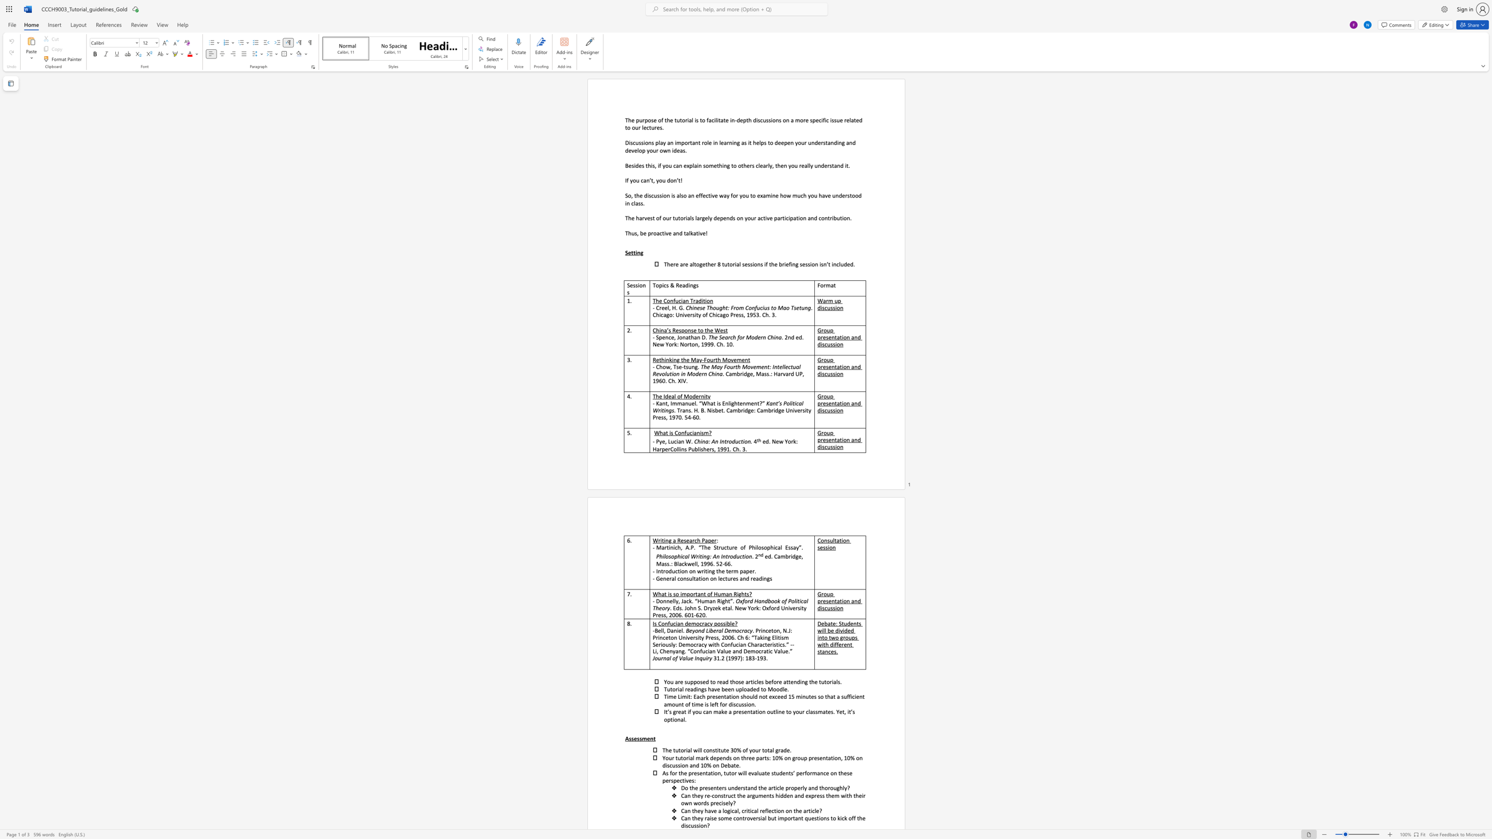 The height and width of the screenshot is (839, 1492). Describe the element at coordinates (711, 337) in the screenshot. I see `the subset text "he Search for M" within the text "The Search for Modern China"` at that location.